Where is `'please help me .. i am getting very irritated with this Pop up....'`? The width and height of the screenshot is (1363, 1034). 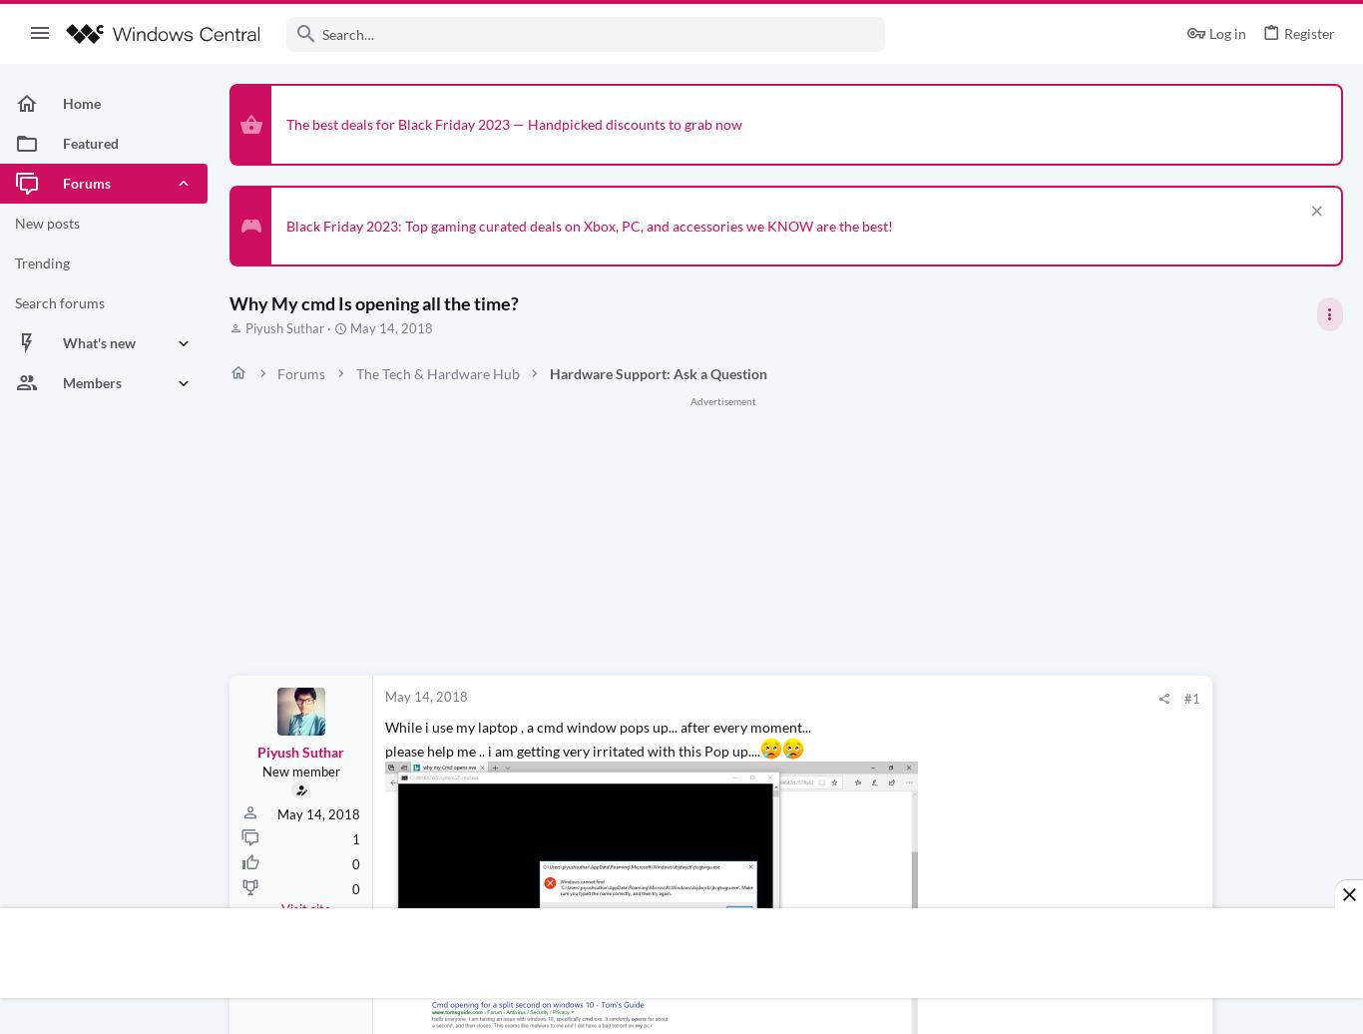
'please help me .. i am getting very irritated with this Pop up....' is located at coordinates (384, 750).